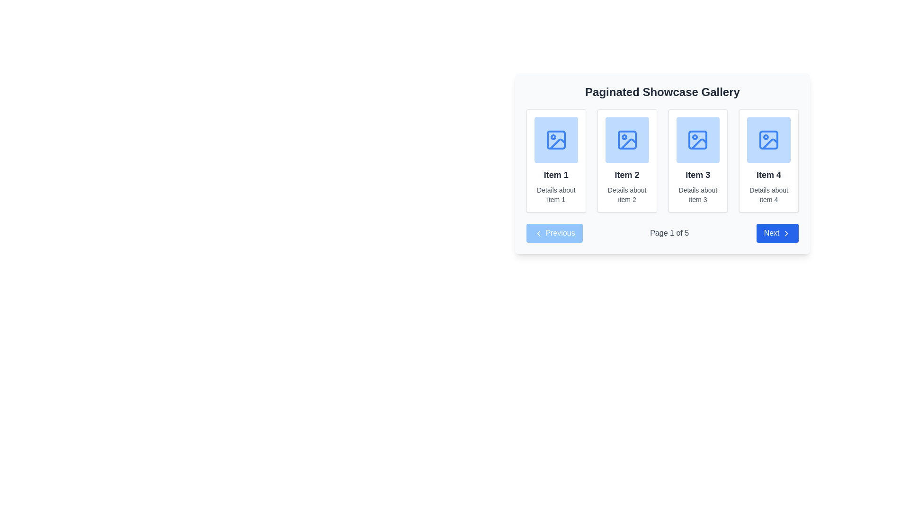 The width and height of the screenshot is (909, 511). What do you see at coordinates (786, 233) in the screenshot?
I see `the chevron icon located at the bottom-right corner of the gallery interface, which indicates the action of moving to the next page in the paginated gallery as part of the 'Next' button` at bounding box center [786, 233].